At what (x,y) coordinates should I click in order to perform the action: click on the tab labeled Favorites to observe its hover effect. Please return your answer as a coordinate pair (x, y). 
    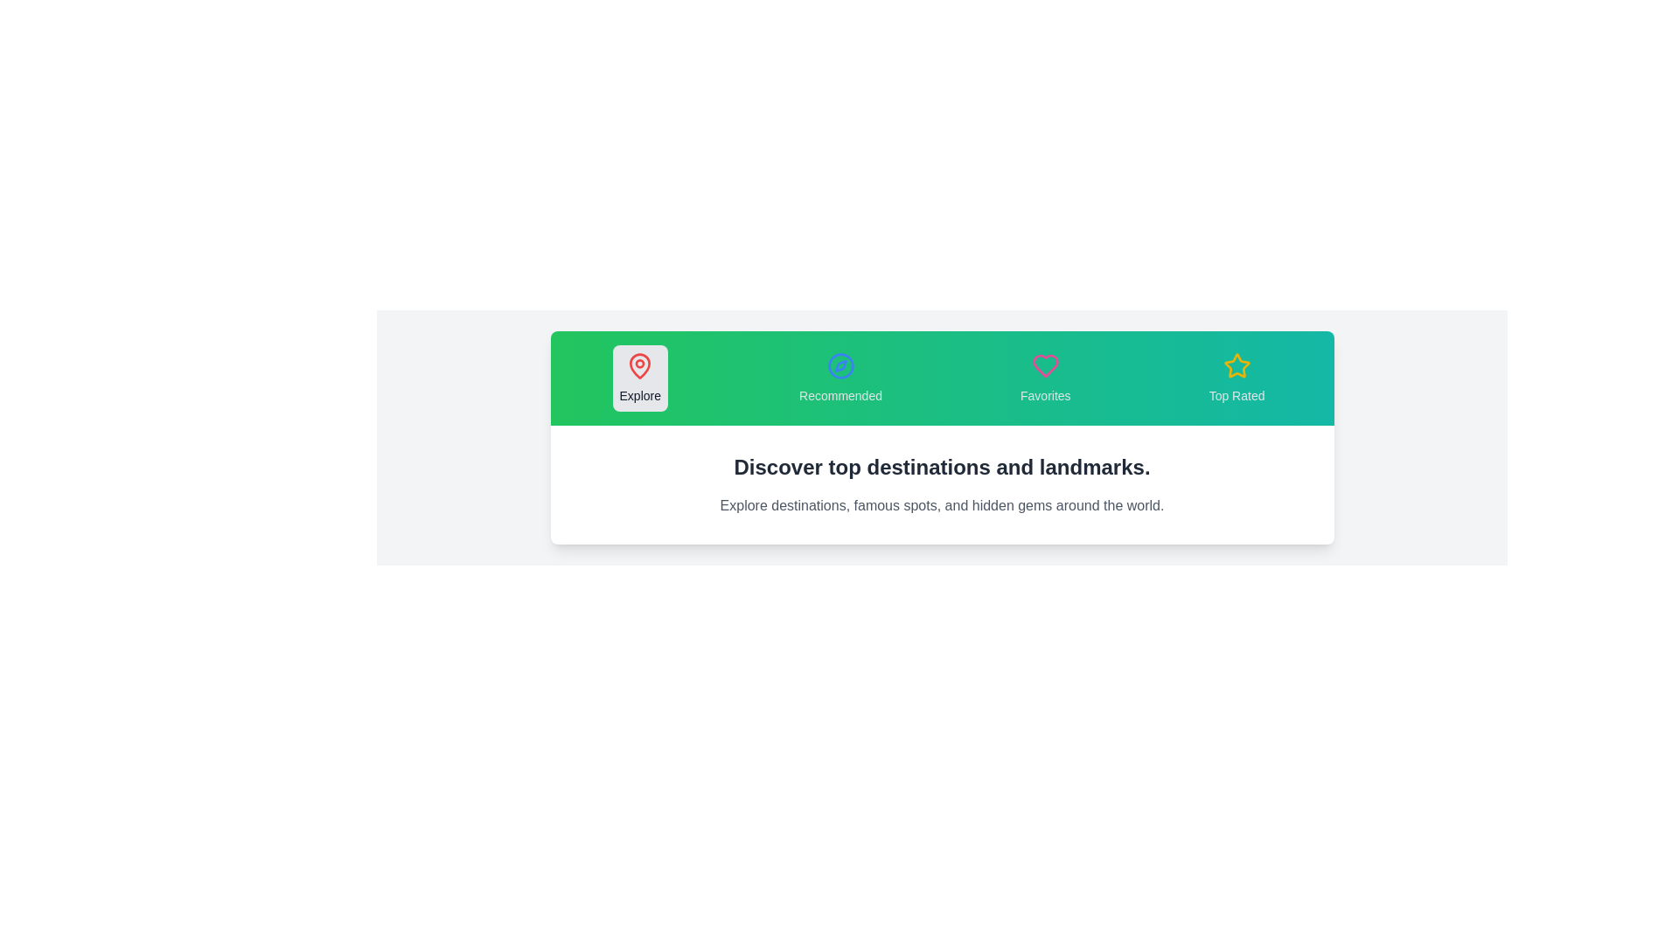
    Looking at the image, I should click on (1045, 377).